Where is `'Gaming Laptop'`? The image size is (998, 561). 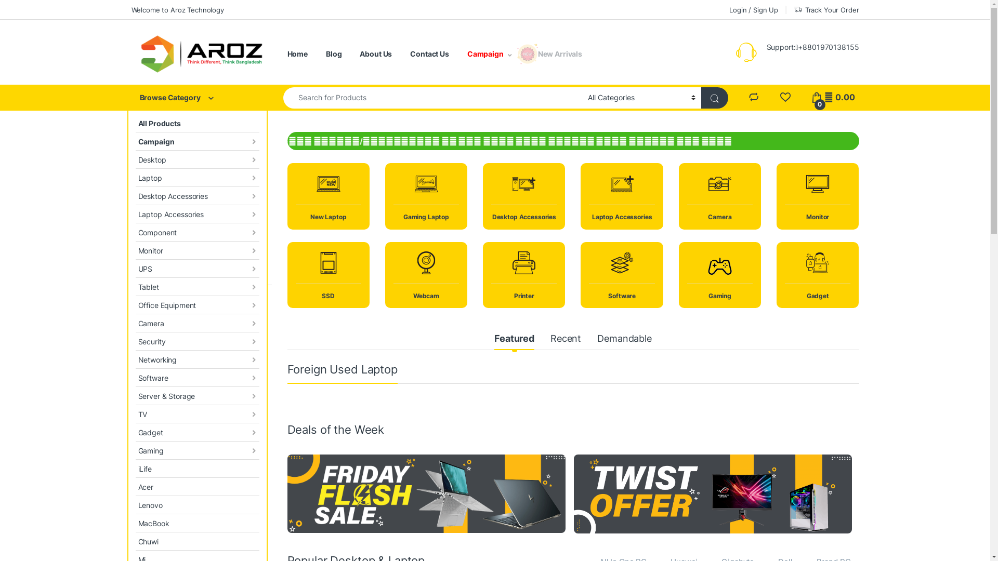
'Gaming Laptop' is located at coordinates (426, 196).